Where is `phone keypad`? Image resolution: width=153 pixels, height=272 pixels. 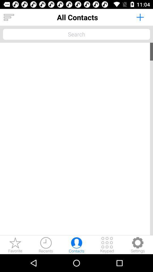
phone keypad is located at coordinates (107, 245).